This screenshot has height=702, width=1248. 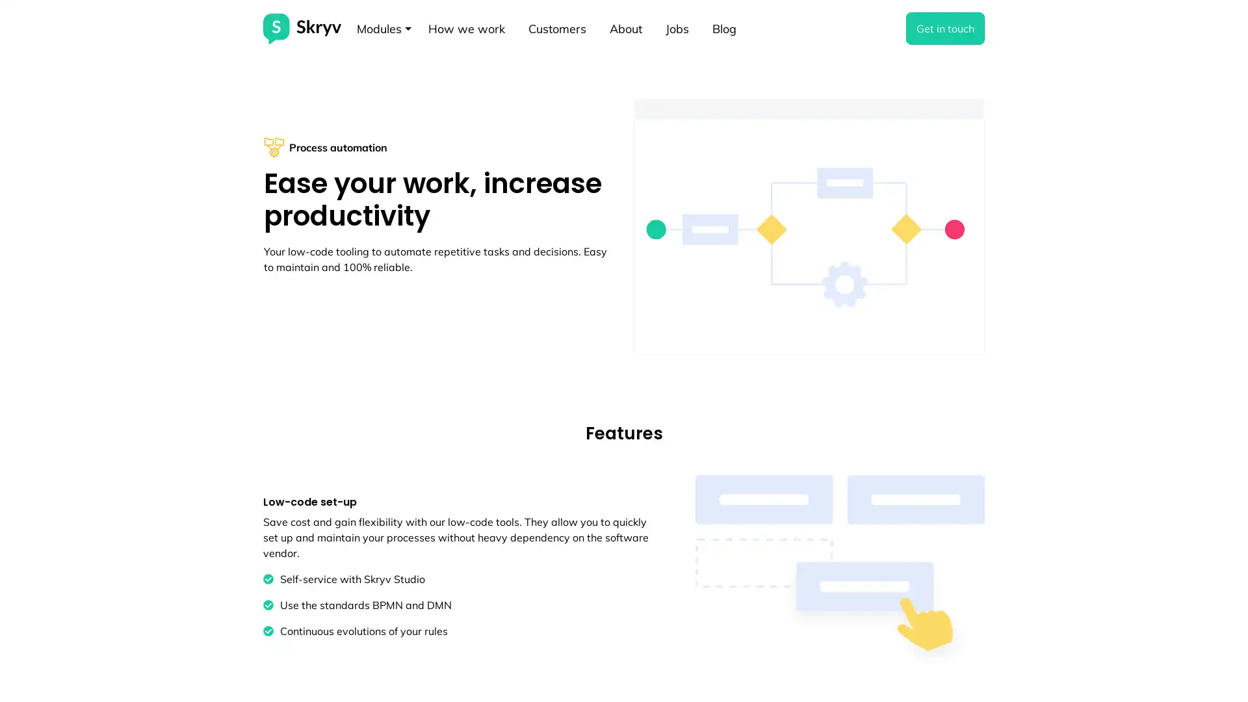 I want to click on Get in touch, so click(x=945, y=28).